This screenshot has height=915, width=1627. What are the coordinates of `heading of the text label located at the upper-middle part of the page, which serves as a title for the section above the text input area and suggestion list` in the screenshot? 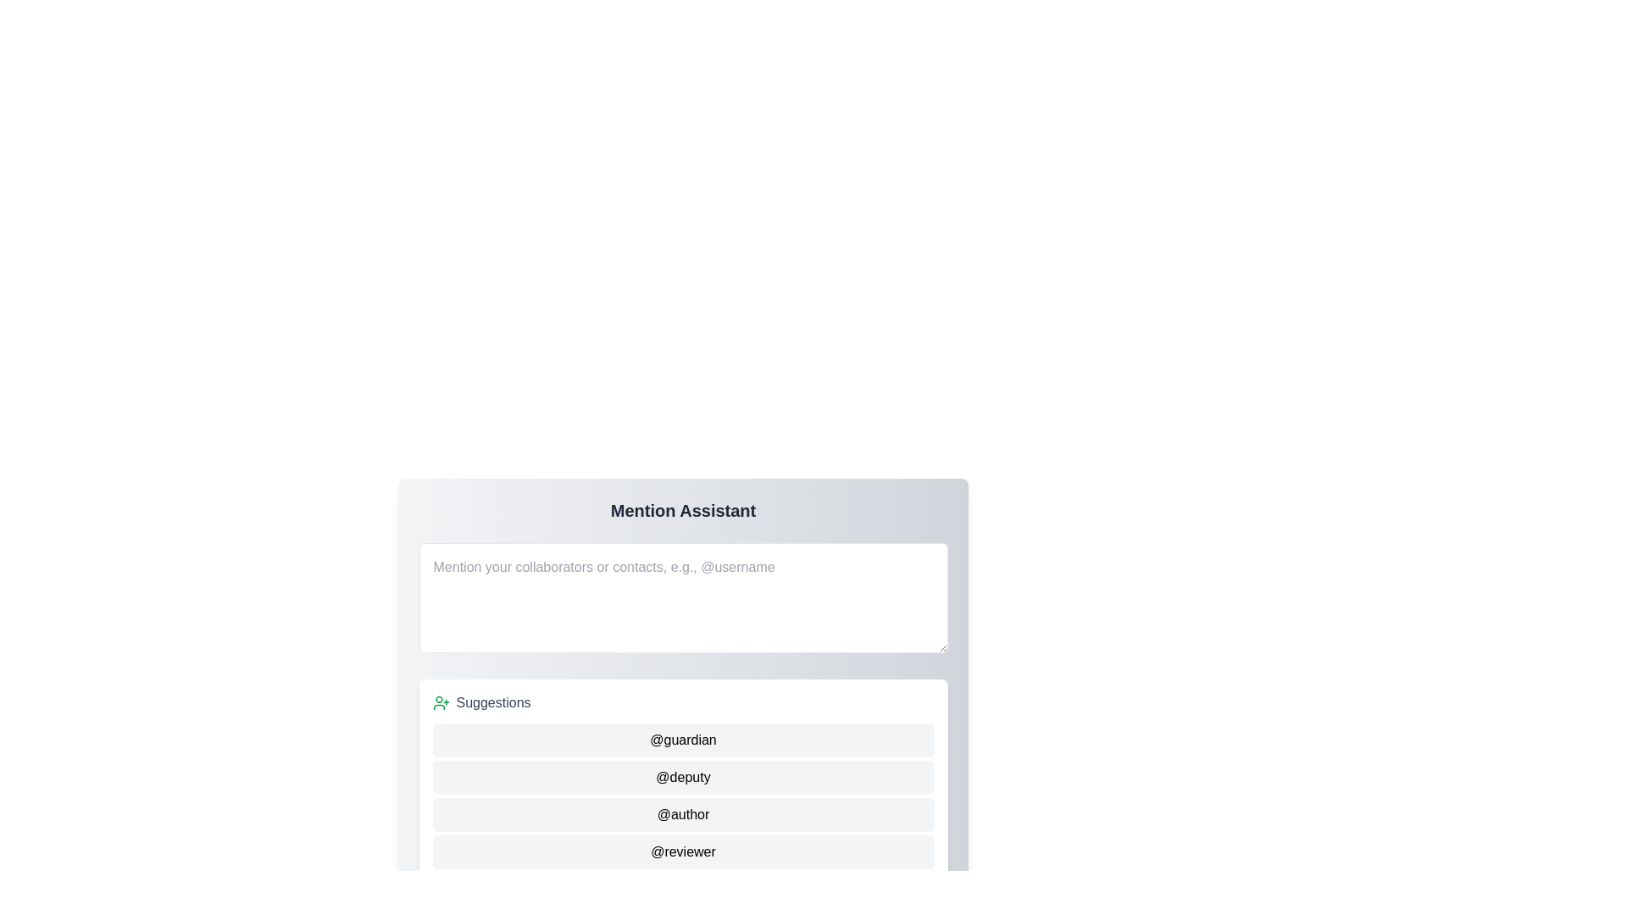 It's located at (683, 509).